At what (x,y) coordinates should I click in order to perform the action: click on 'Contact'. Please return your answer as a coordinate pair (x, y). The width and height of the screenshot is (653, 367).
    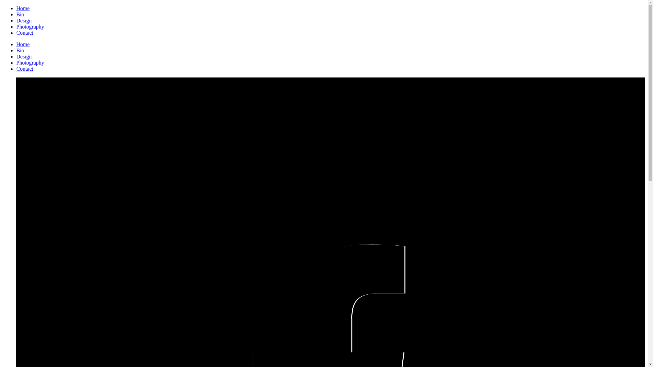
    Looking at the image, I should click on (24, 69).